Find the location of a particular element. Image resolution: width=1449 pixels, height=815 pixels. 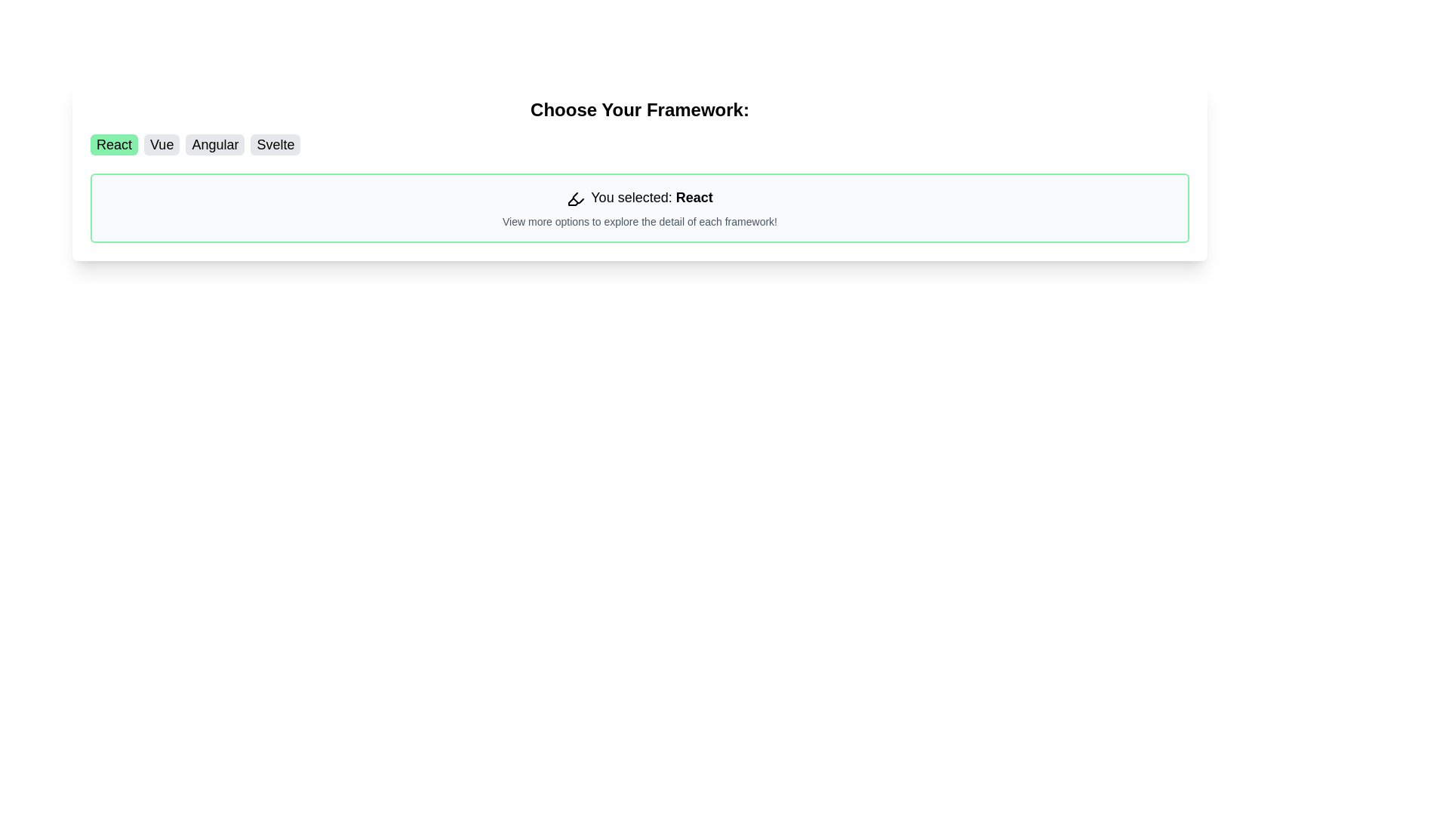

the button labeled 'React' with rounded corners and a green background, which is the first among four framework buttons in the 'Choose Your Framework:' section is located at coordinates (113, 145).